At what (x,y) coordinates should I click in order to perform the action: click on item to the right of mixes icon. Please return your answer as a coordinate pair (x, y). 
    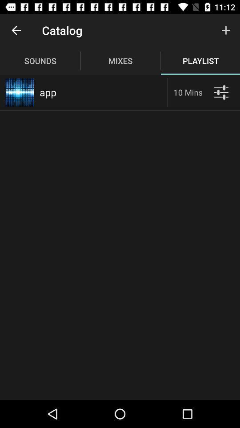
    Looking at the image, I should click on (226, 30).